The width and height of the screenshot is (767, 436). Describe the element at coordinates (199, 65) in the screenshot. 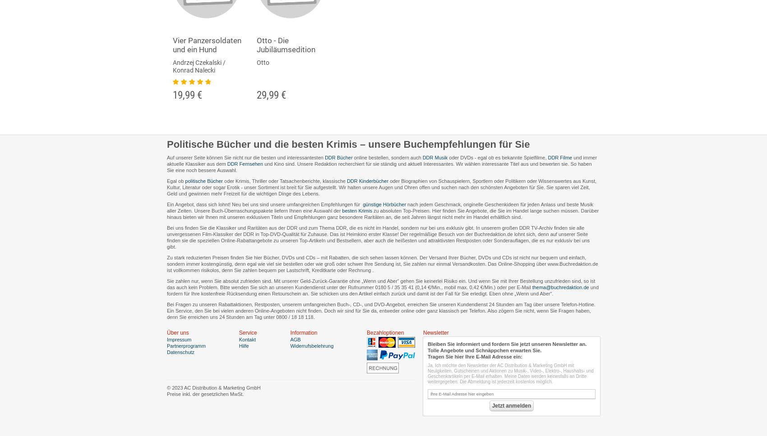

I see `'Andrzej Czekalski / Konrad Nalecki'` at that location.